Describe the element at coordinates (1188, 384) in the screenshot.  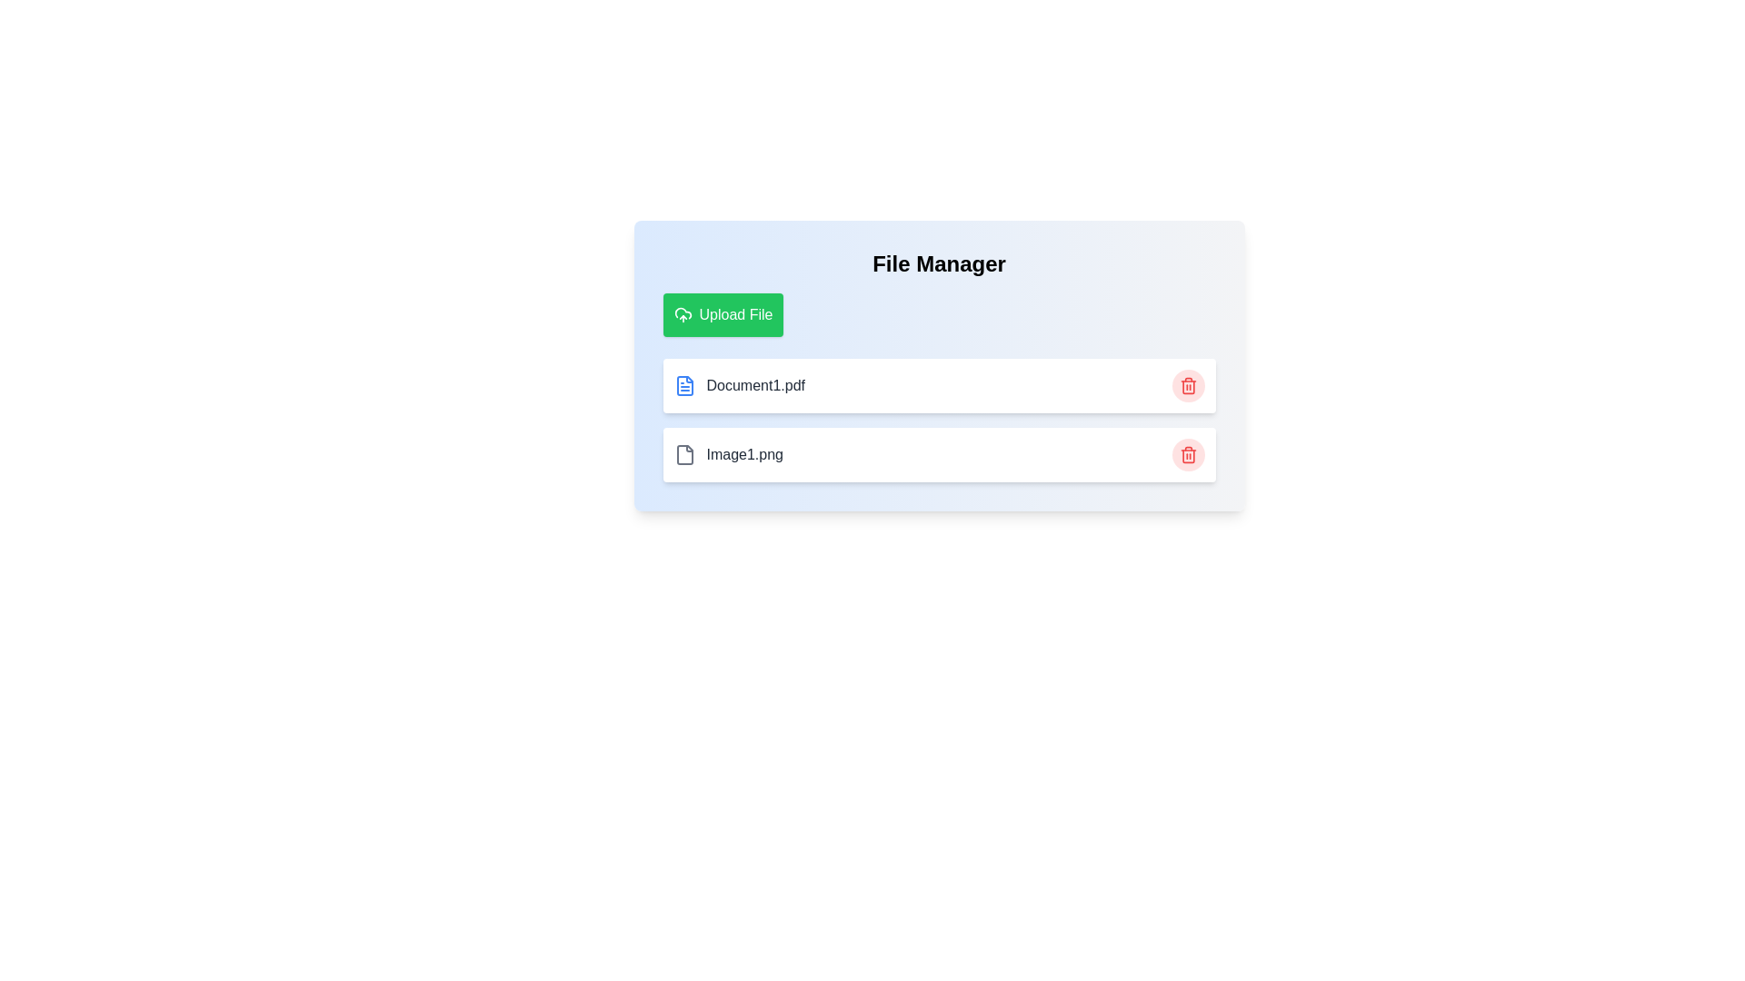
I see `the delete button located at the far right of the file entry row for 'Document1.pdf'` at that location.